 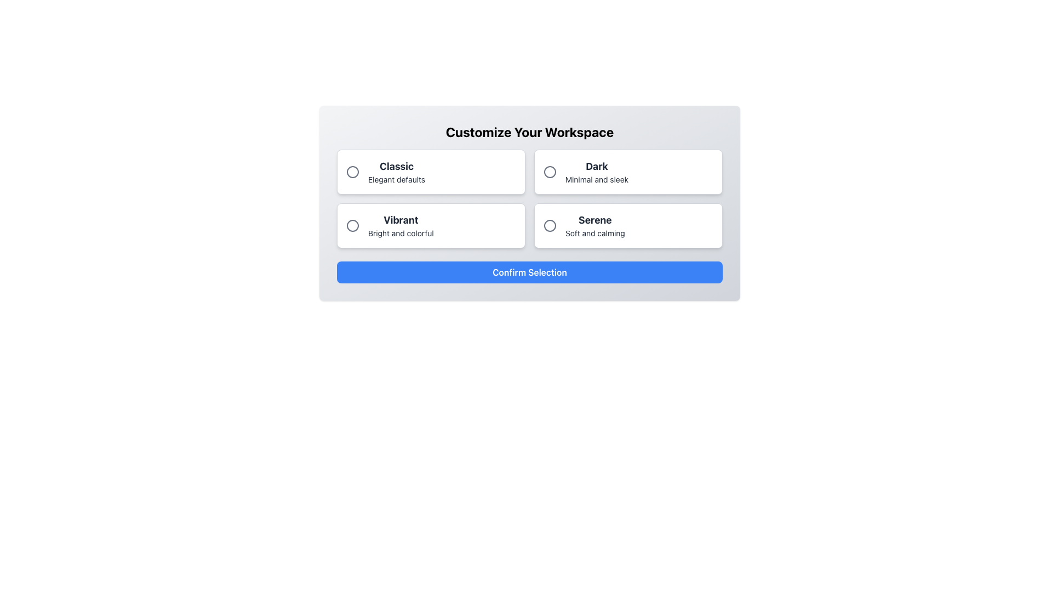 What do you see at coordinates (596, 179) in the screenshot?
I see `the descriptive tagline text label for the 'Dark' theme option located in the 'Customize Your Workspace' selection area, which is centrally aligned below the larger 'Dark' label` at bounding box center [596, 179].